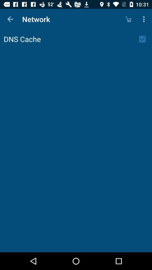 This screenshot has width=152, height=270. What do you see at coordinates (10, 19) in the screenshot?
I see `the item to the left of the network app` at bounding box center [10, 19].